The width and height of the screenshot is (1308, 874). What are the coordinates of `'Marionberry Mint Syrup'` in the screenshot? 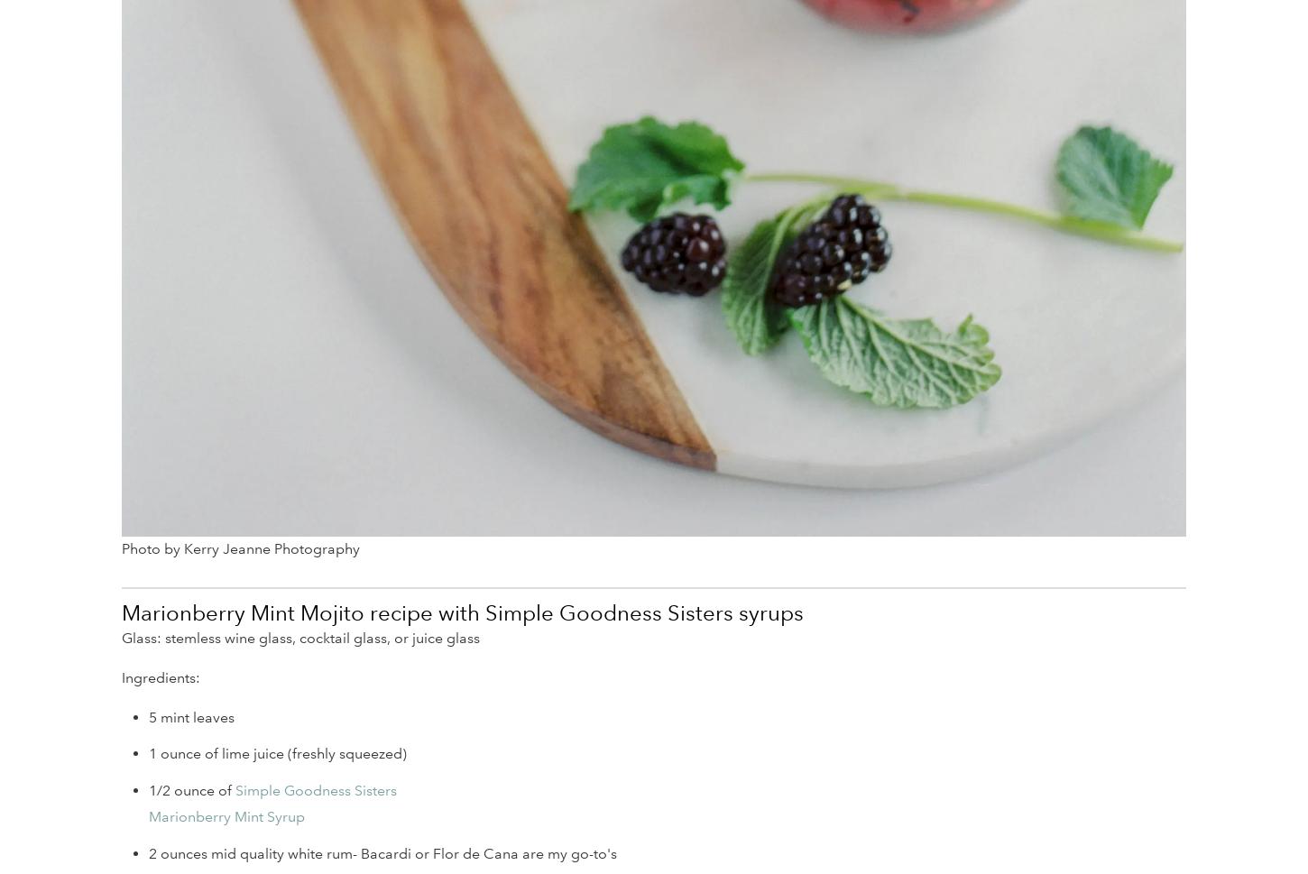 It's located at (226, 816).